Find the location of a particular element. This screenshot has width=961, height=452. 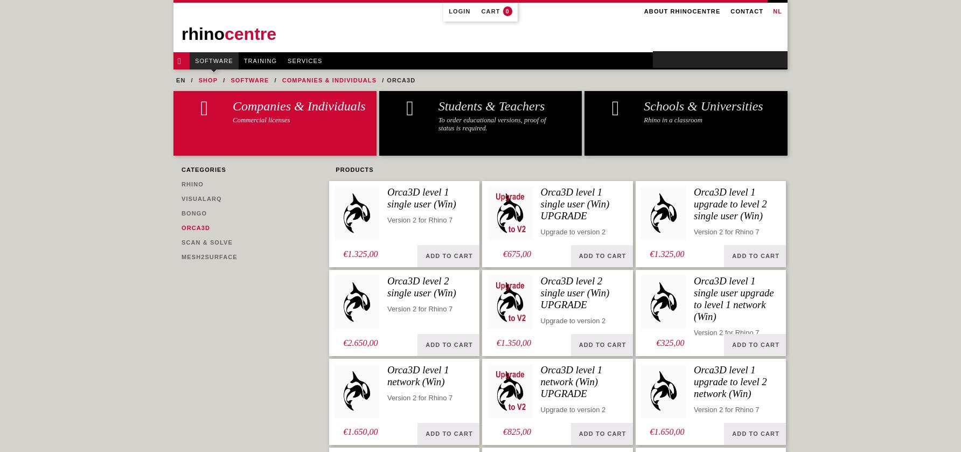

'Orca3D level 2 single user (Win)' is located at coordinates (420, 286).